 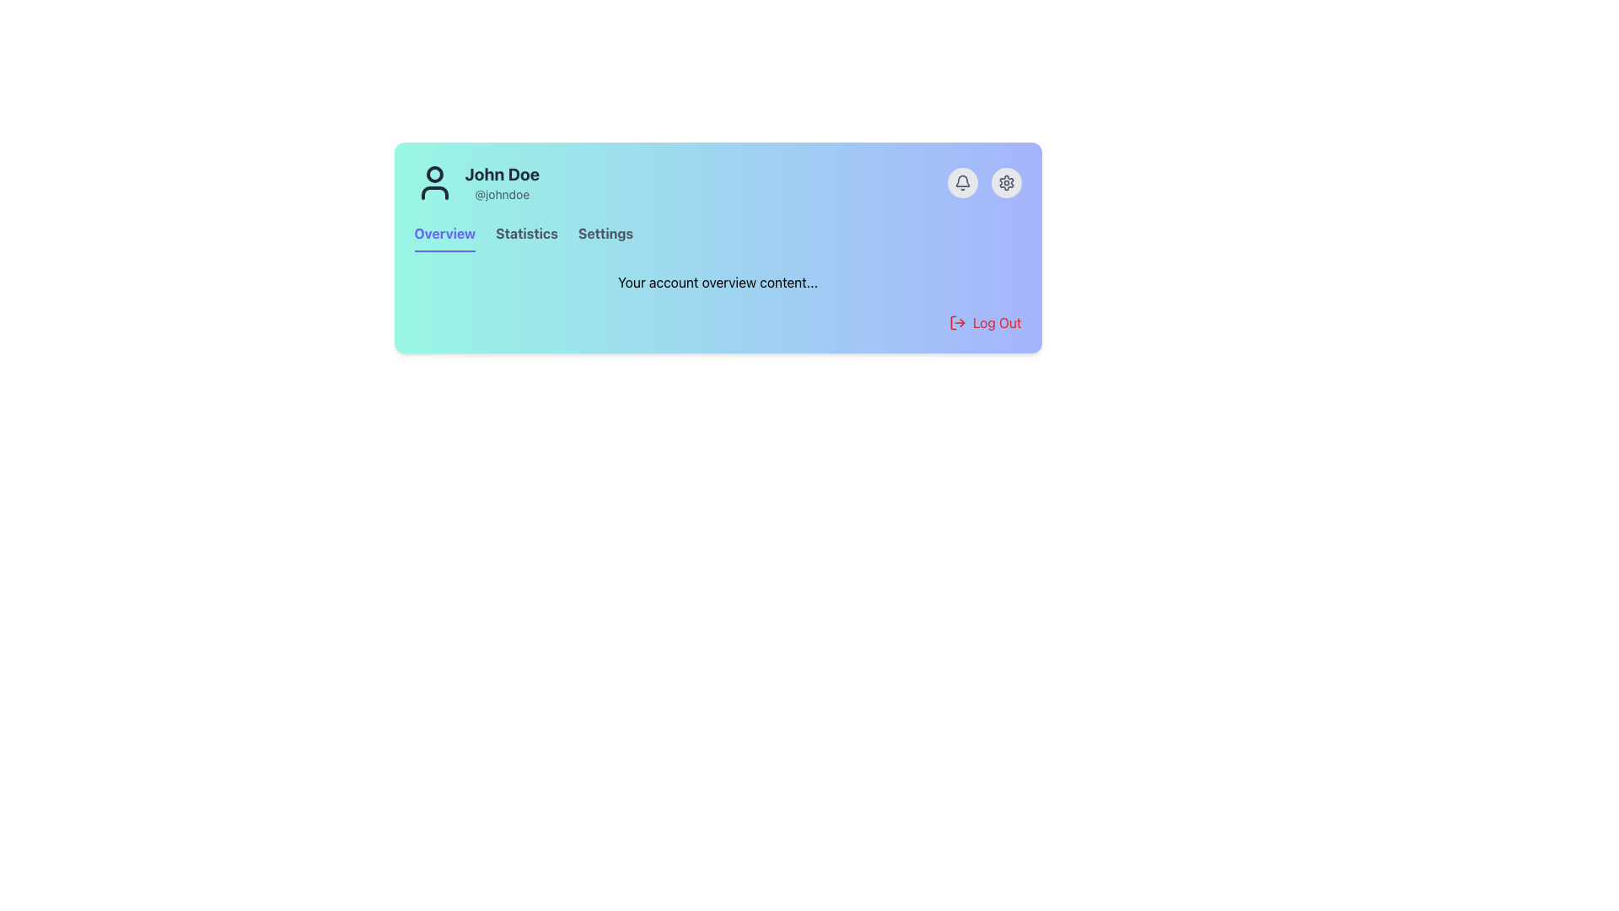 I want to click on the Interactive text tab for navigation, so click(x=525, y=237).